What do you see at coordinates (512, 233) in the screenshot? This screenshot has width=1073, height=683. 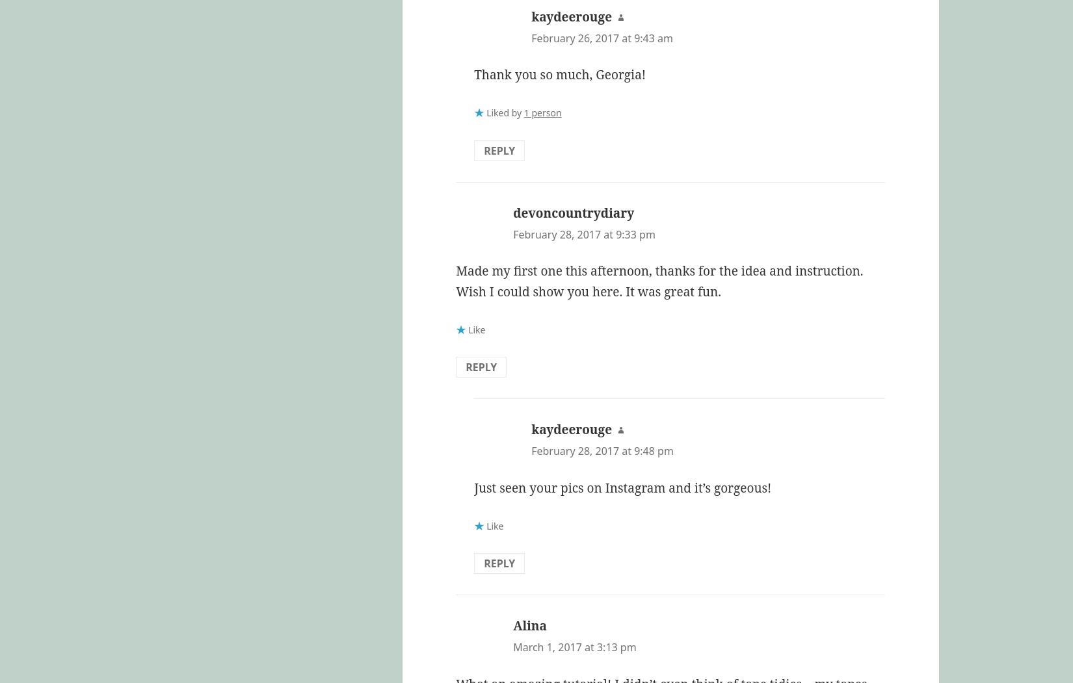 I see `'February 28, 2017 at 9:33 pm'` at bounding box center [512, 233].